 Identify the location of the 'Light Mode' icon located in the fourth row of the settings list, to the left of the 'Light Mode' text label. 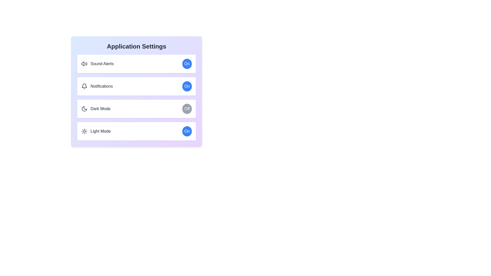
(84, 131).